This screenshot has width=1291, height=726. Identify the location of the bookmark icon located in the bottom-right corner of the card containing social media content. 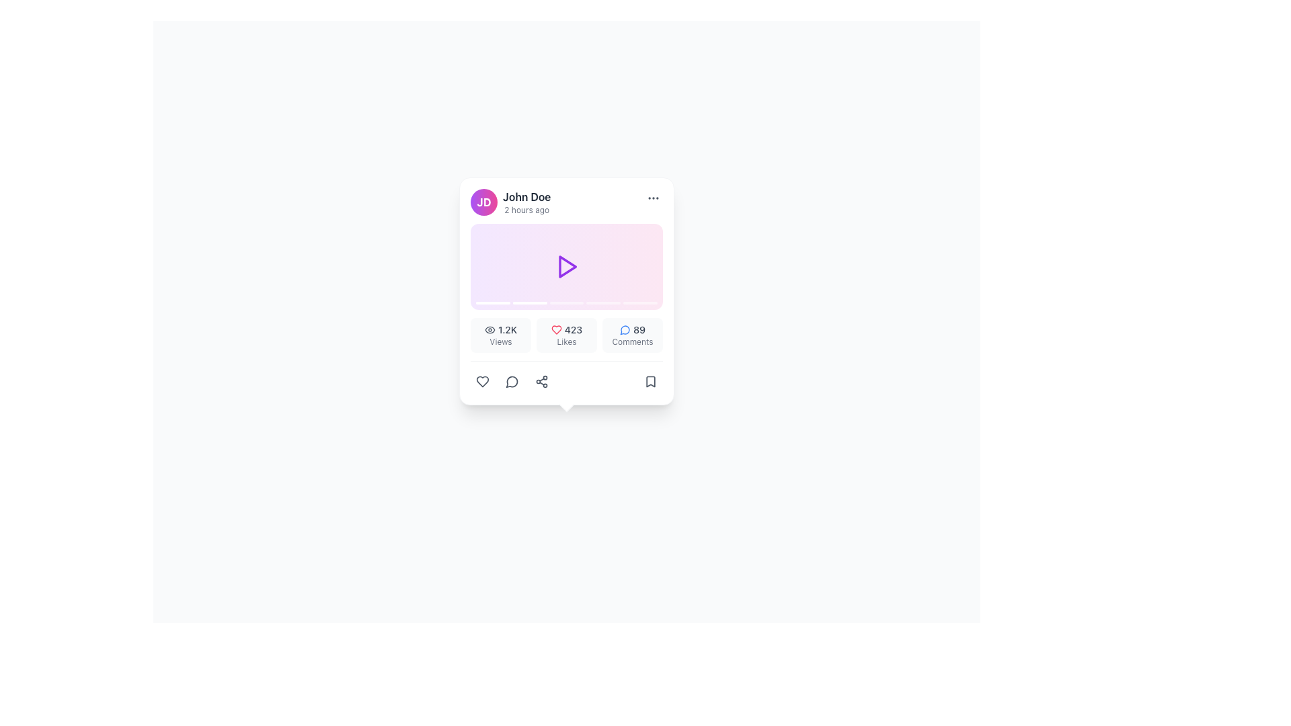
(651, 381).